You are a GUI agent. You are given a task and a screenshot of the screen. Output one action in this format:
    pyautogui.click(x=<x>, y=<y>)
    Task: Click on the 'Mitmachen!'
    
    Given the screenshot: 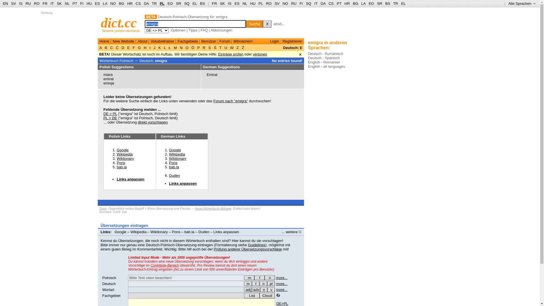 What is the action you would take?
    pyautogui.click(x=243, y=41)
    